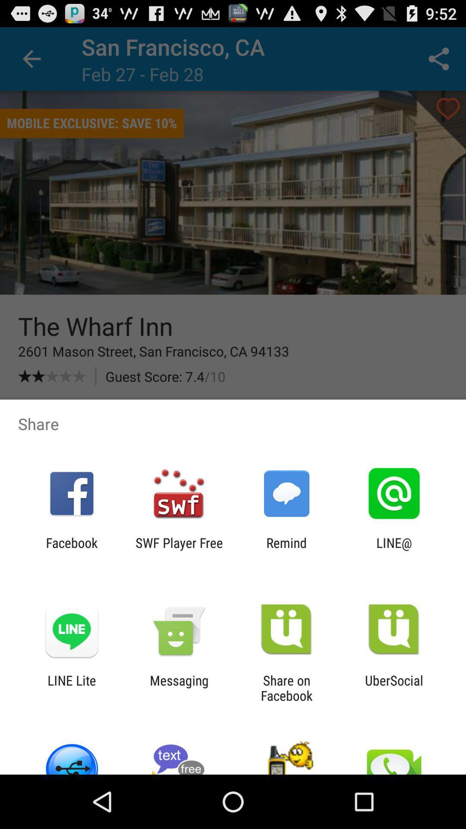 The width and height of the screenshot is (466, 829). Describe the element at coordinates (71, 687) in the screenshot. I see `the app to the left of the messaging app` at that location.